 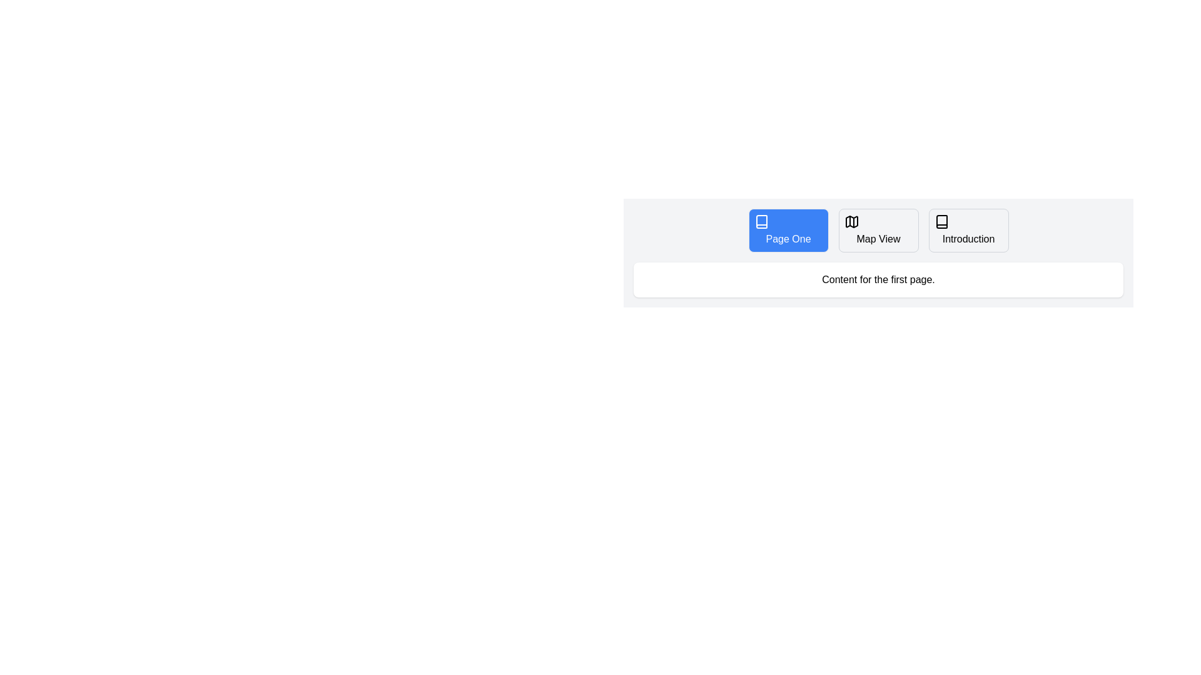 What do you see at coordinates (968, 239) in the screenshot?
I see `text label indicating the section titled 'Introduction', which is located within the last button on the right in a row of three buttons` at bounding box center [968, 239].